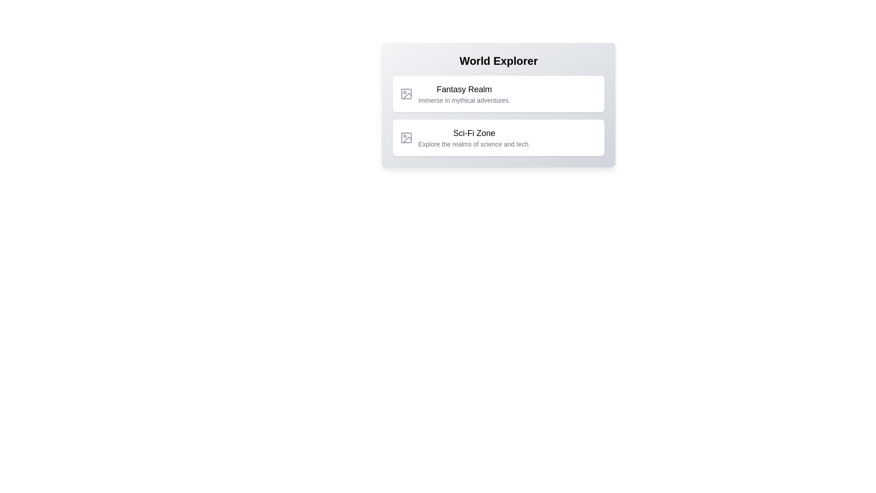 Image resolution: width=876 pixels, height=493 pixels. I want to click on the icon located within the left segment of the 'Fantasy Realm' card, which serves as a visual cue adjacent to the card's title and descriptive text, so click(406, 94).